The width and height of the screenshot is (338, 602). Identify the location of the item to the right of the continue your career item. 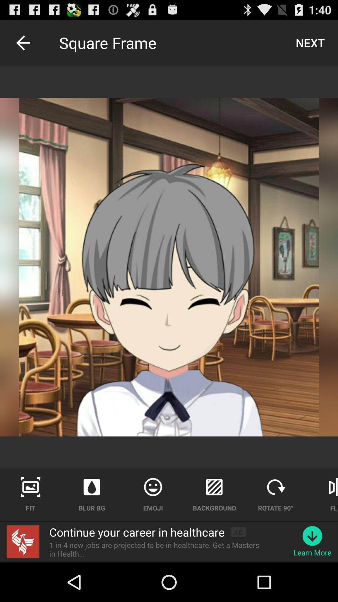
(238, 532).